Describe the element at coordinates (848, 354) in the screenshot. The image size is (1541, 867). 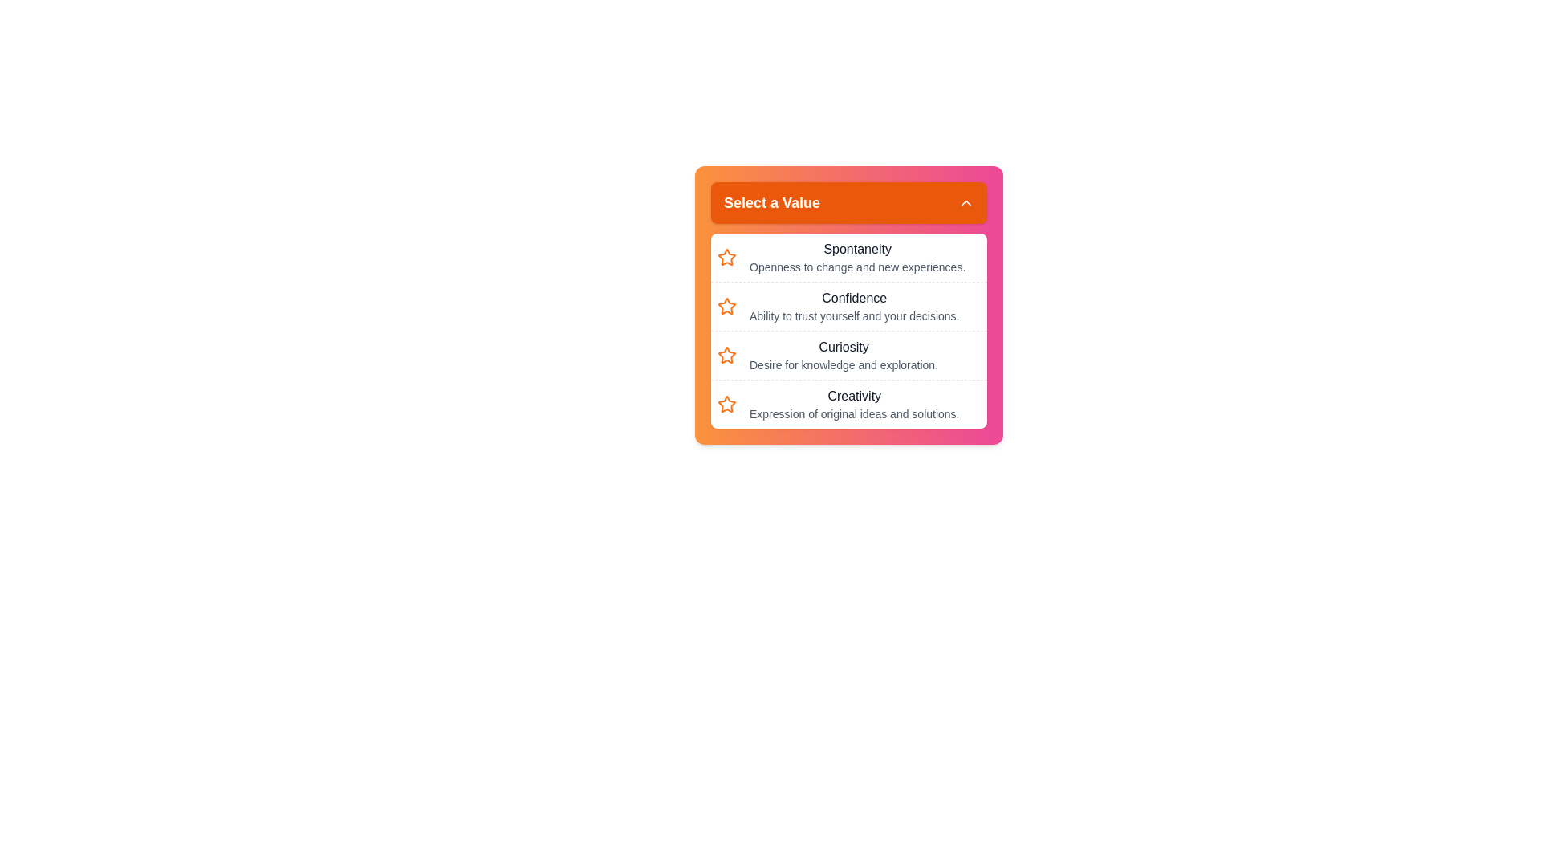
I see `the 'Curiosity' list item in the dropdown menu, which is the third option in a vertical list of four items` at that location.